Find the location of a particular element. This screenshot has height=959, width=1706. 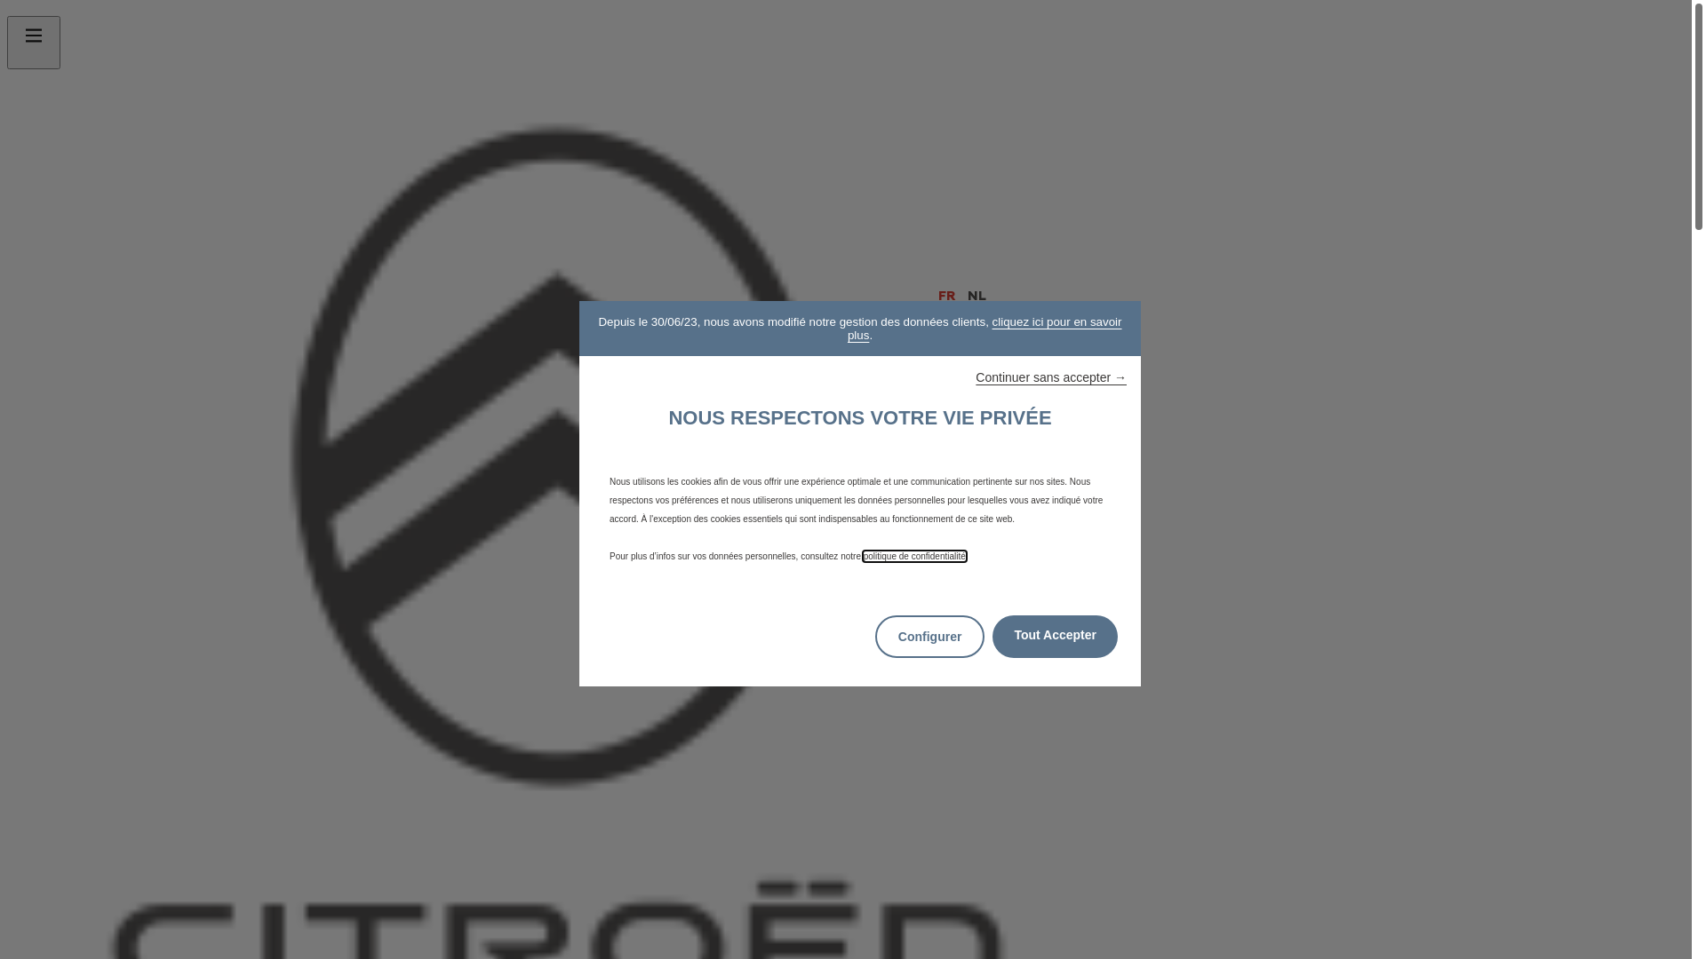

'Configurer' is located at coordinates (874, 636).